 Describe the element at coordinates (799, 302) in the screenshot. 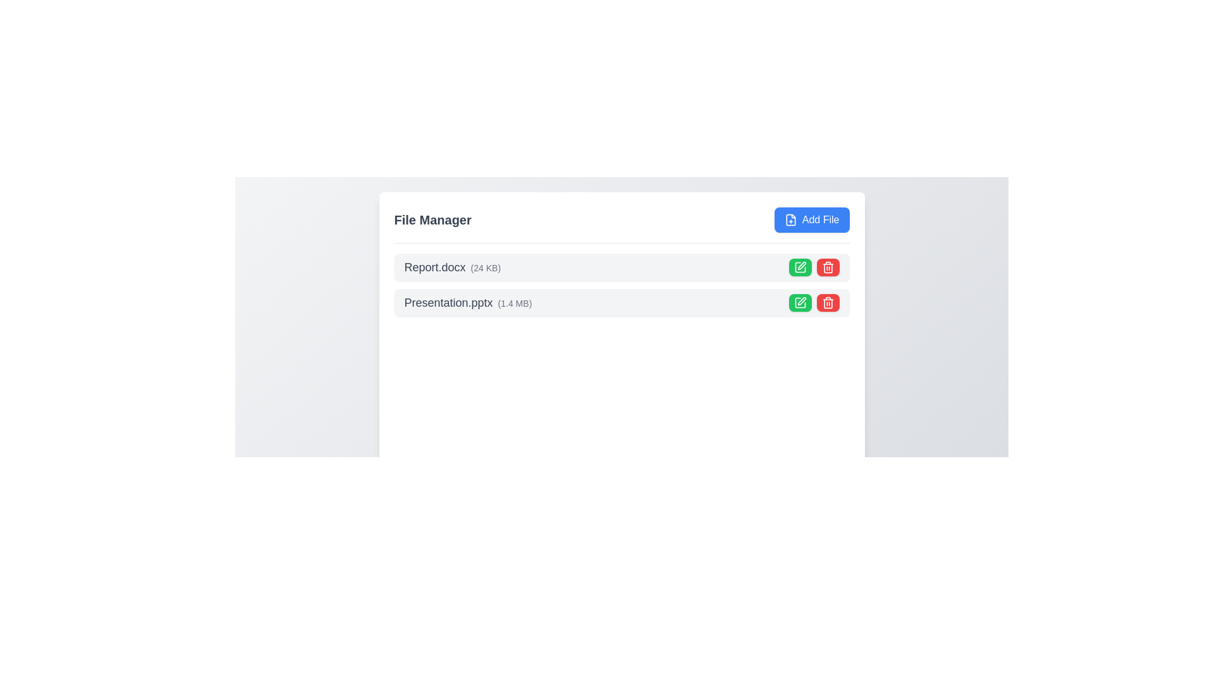

I see `the green button with white text and a pen icon indicating 'edit', located after 'Presentation.pptx' in the second row of buttons` at that location.